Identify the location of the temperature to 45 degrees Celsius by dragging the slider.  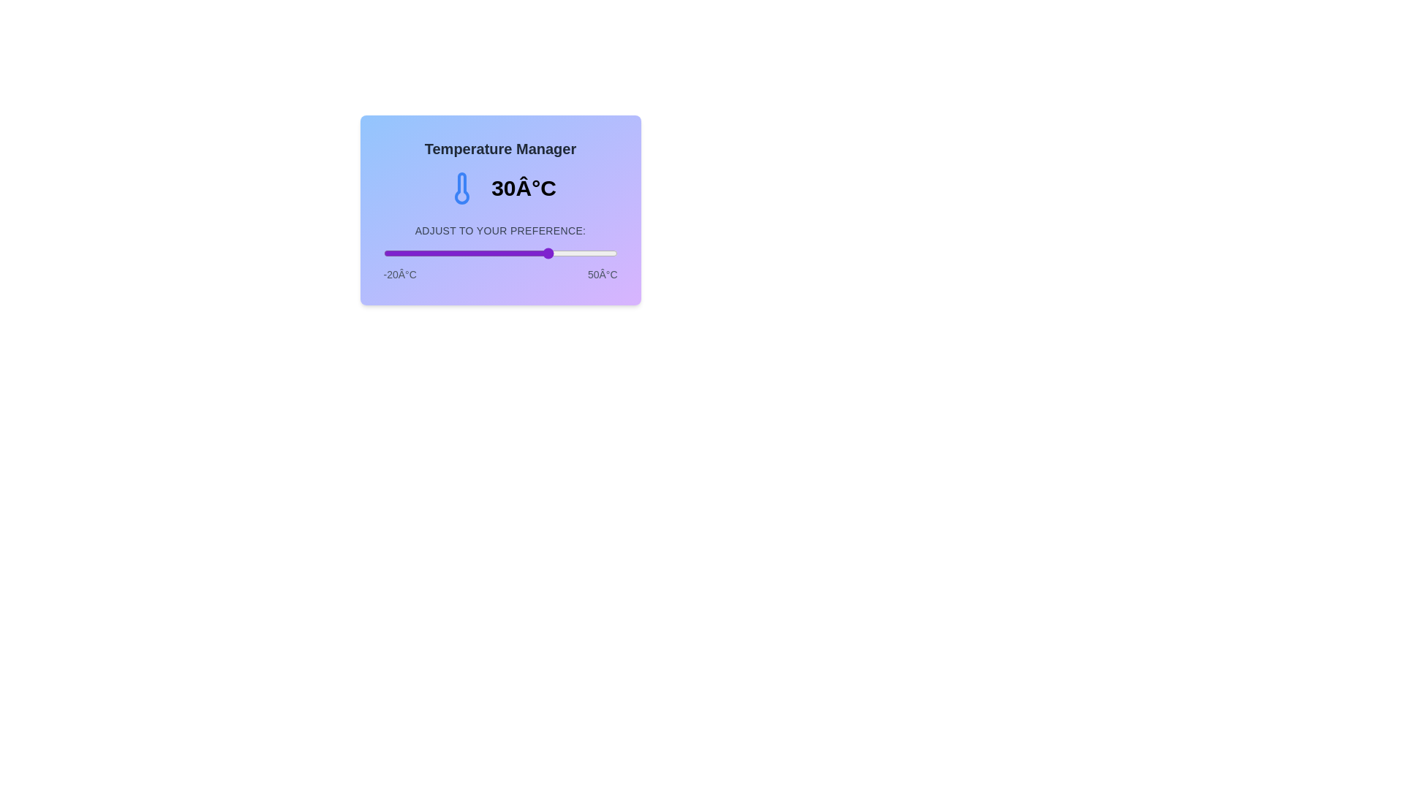
(600, 253).